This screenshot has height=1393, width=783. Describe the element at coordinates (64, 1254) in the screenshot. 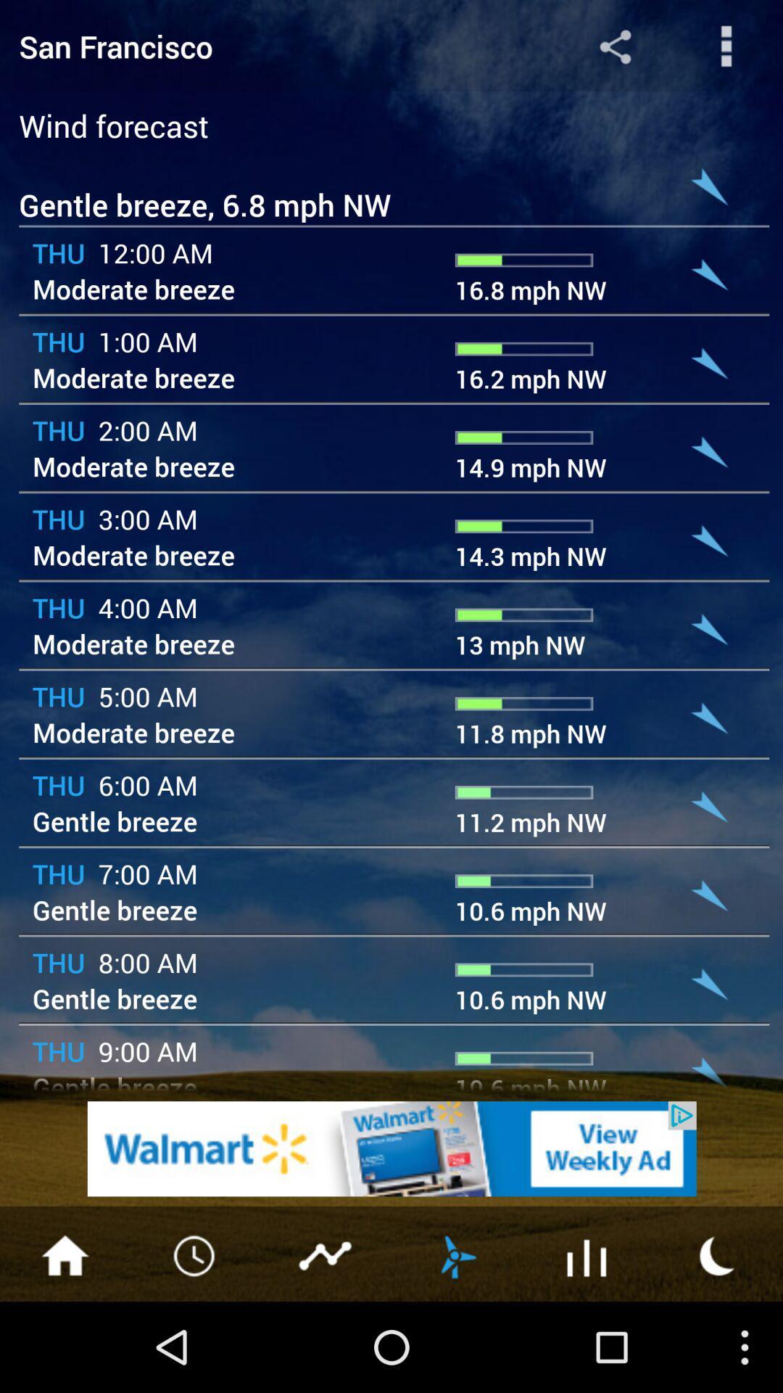

I see `click the menu button` at that location.